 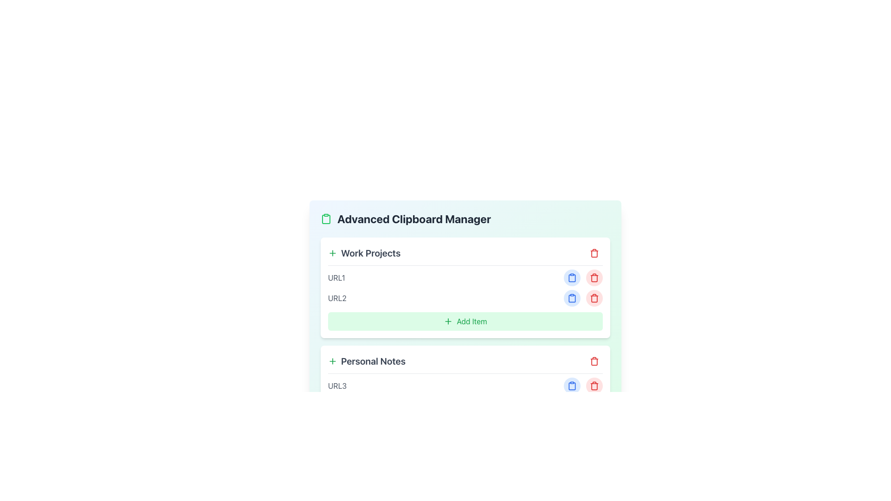 What do you see at coordinates (583, 277) in the screenshot?
I see `the blue circular button with a clipboard icon in the horizontal button group located to the right of 'URL1'` at bounding box center [583, 277].